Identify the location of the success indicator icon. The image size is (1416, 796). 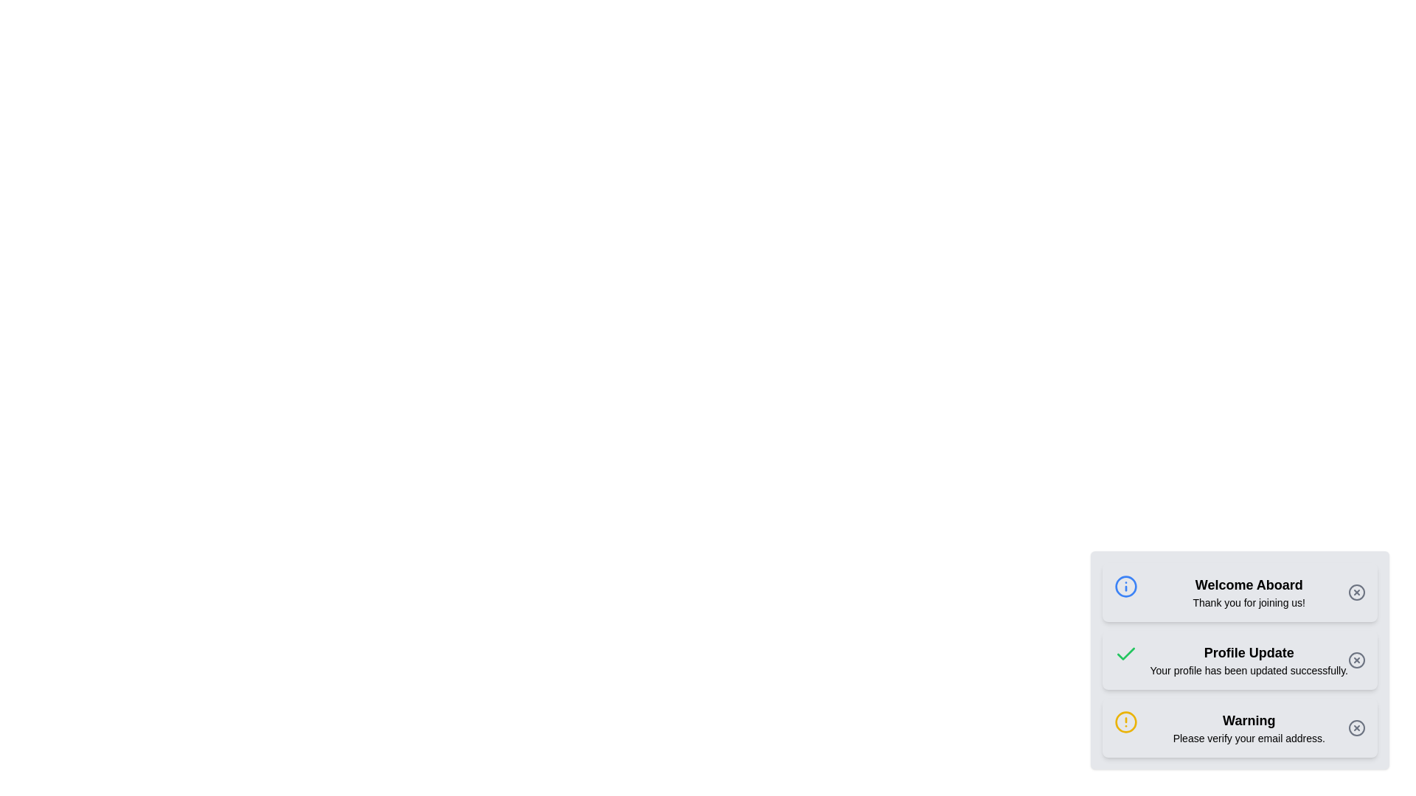
(1125, 659).